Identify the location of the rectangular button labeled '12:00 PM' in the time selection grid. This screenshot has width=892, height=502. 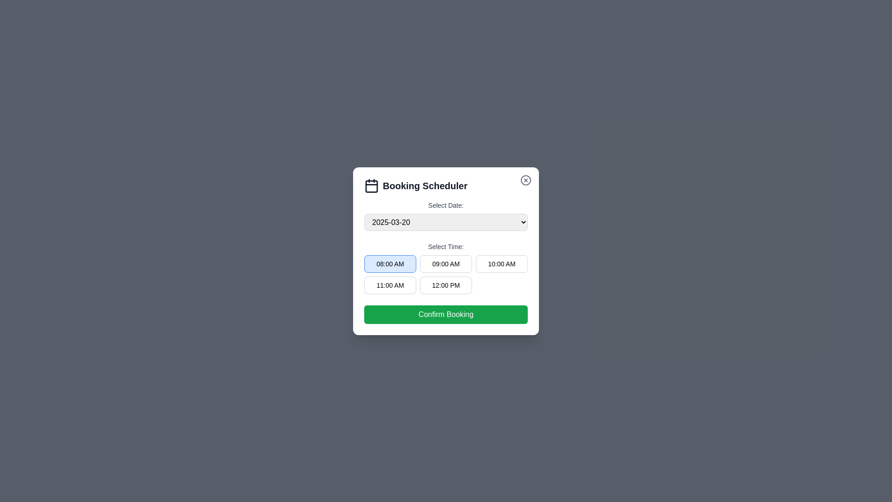
(446, 284).